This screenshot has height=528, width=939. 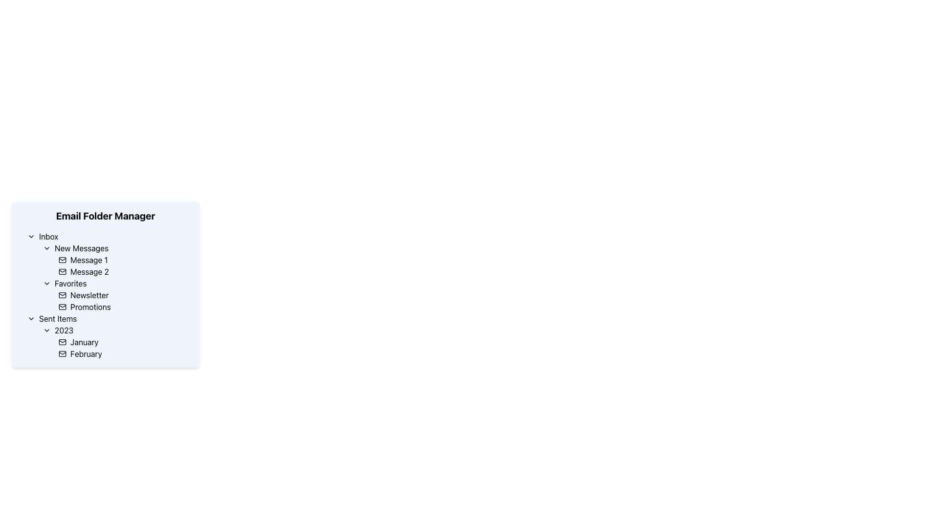 What do you see at coordinates (31, 318) in the screenshot?
I see `the small downward arrow icon next to the label 'Sent Items'` at bounding box center [31, 318].